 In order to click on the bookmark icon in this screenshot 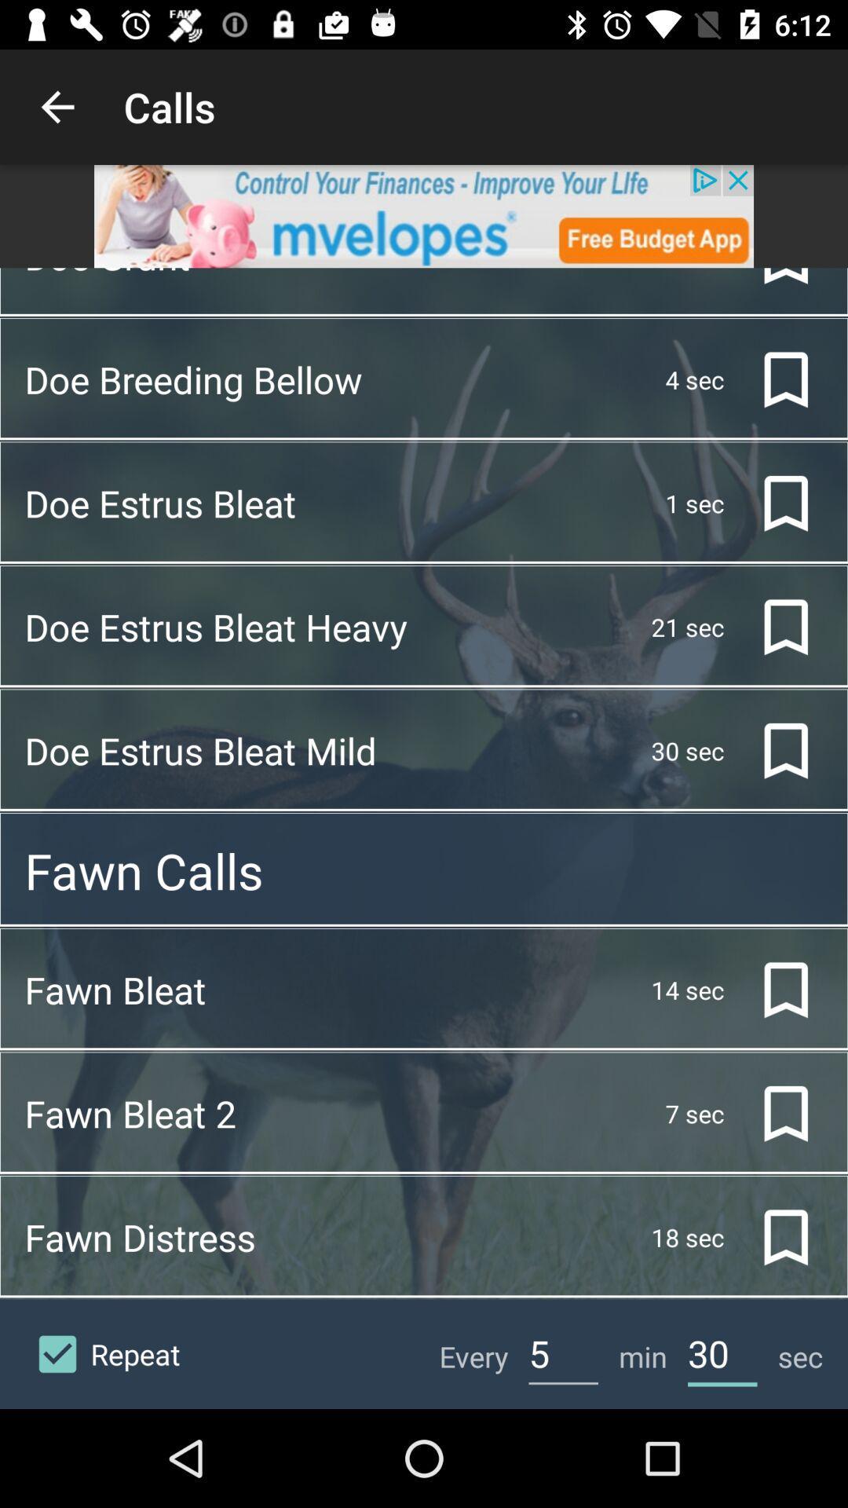, I will do `click(773, 503)`.